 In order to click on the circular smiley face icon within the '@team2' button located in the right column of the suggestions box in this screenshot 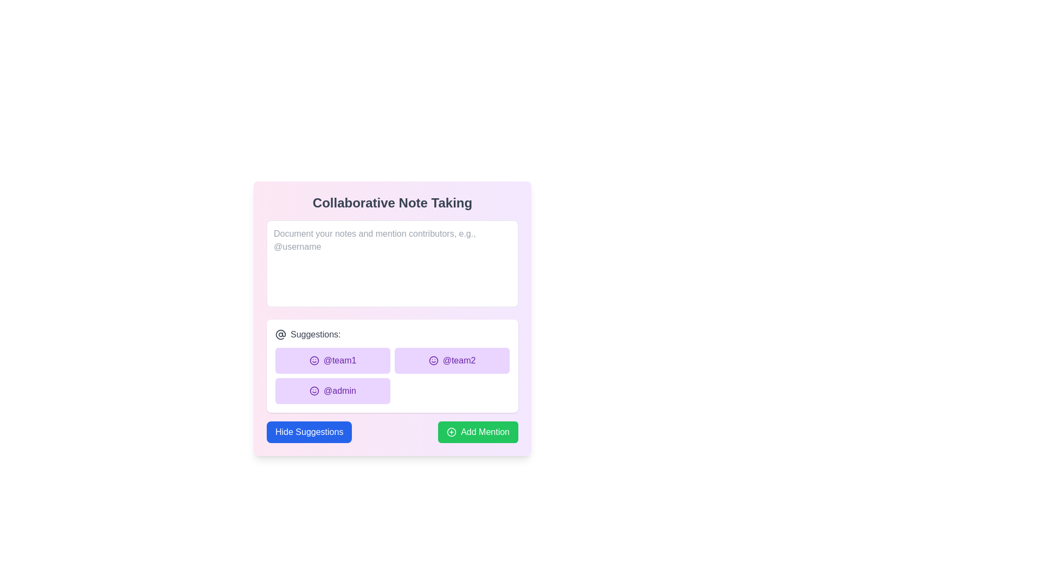, I will do `click(433, 361)`.